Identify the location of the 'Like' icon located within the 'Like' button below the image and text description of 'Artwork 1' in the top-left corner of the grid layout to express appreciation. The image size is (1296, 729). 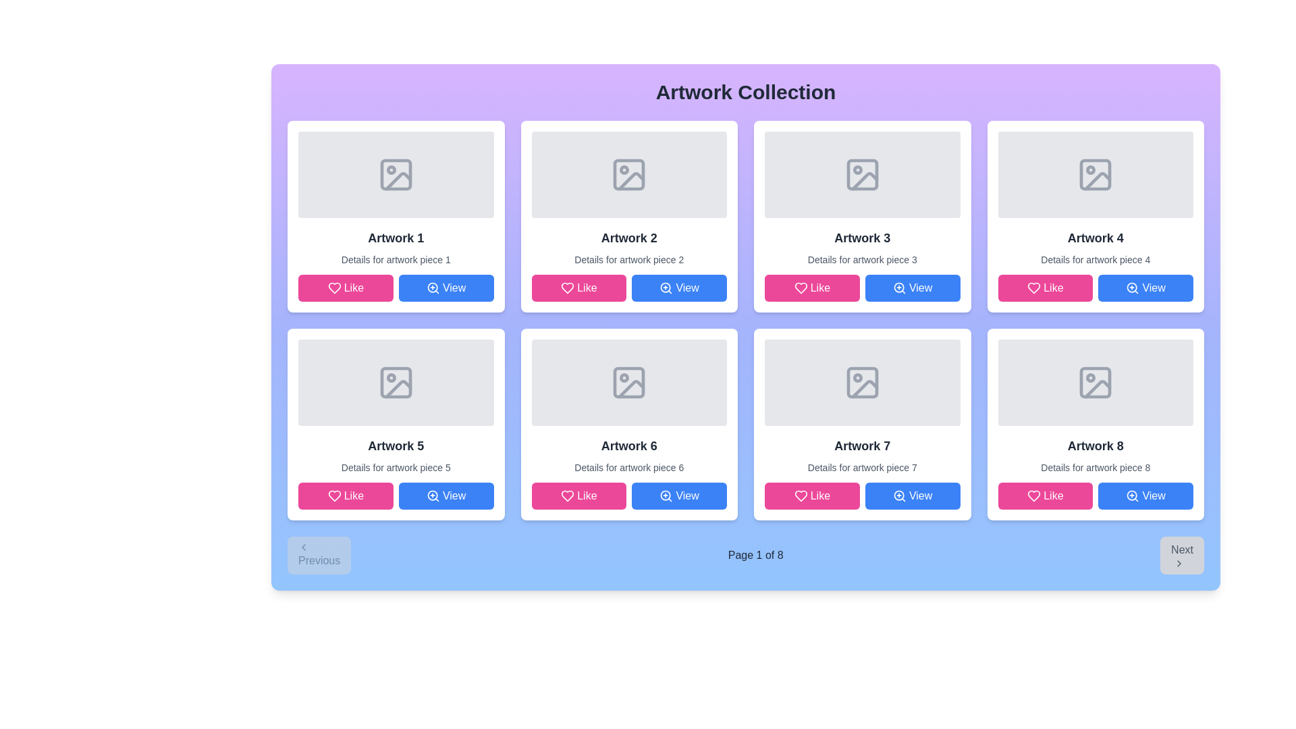
(334, 288).